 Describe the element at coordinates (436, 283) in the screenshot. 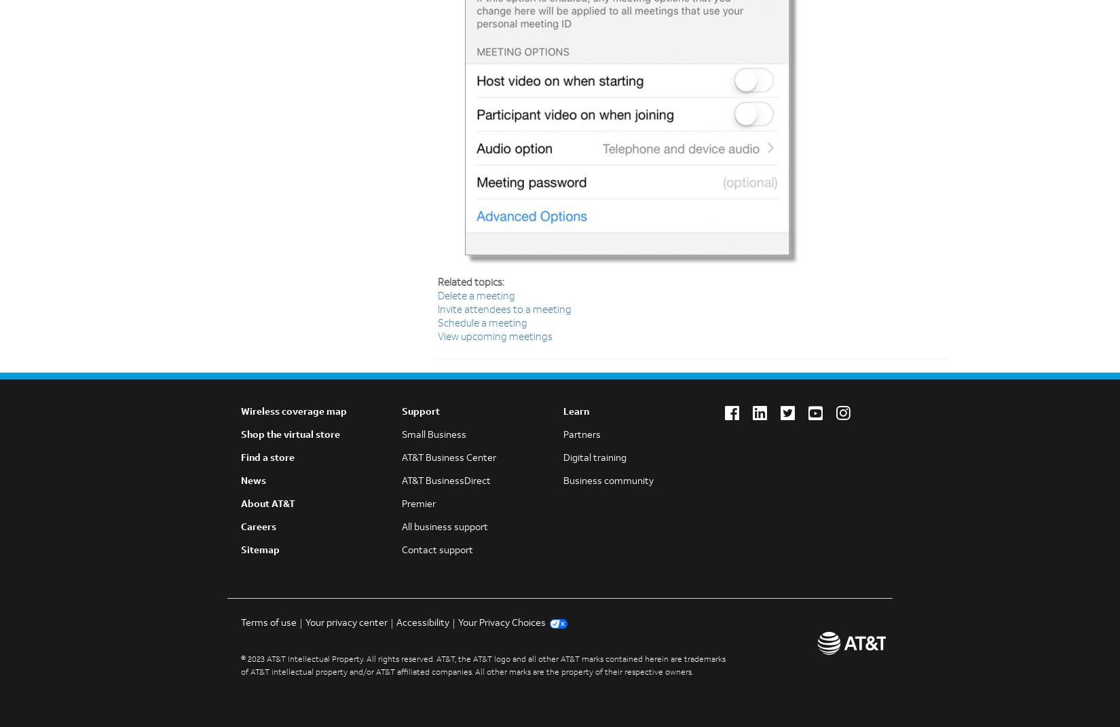

I see `'Related topics:'` at that location.